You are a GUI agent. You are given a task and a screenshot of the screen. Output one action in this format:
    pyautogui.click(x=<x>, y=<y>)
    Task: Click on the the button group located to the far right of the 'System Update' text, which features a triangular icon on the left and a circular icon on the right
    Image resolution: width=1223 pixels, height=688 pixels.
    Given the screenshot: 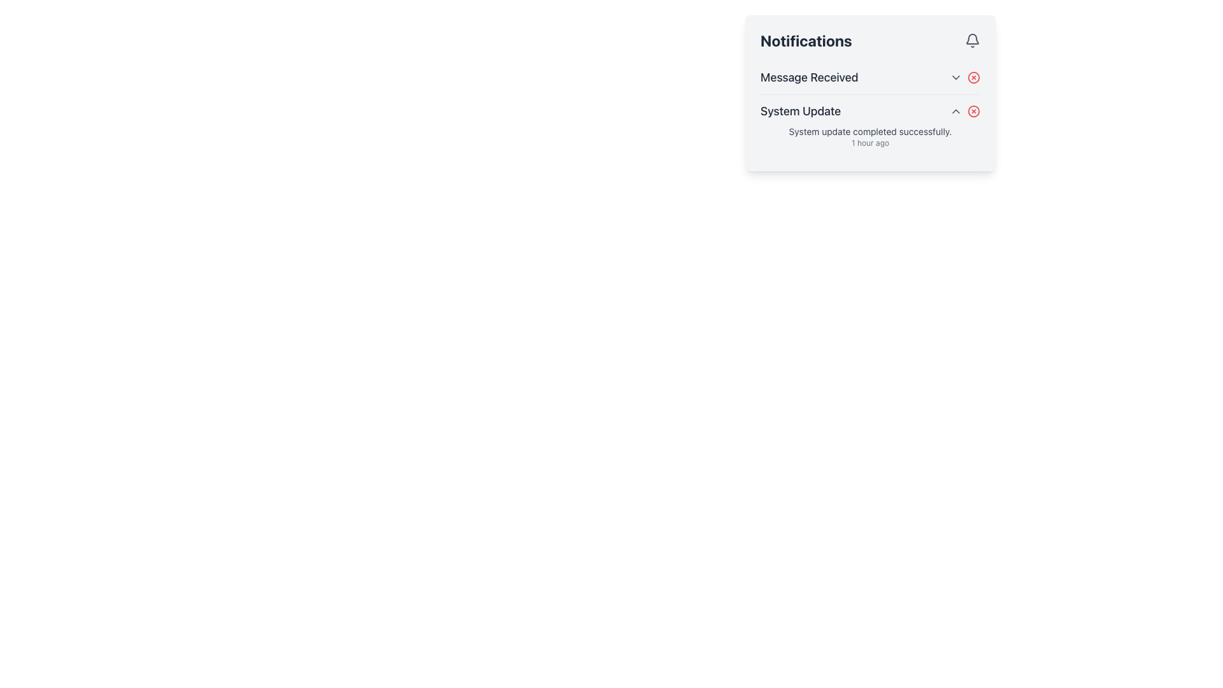 What is the action you would take?
    pyautogui.click(x=965, y=110)
    